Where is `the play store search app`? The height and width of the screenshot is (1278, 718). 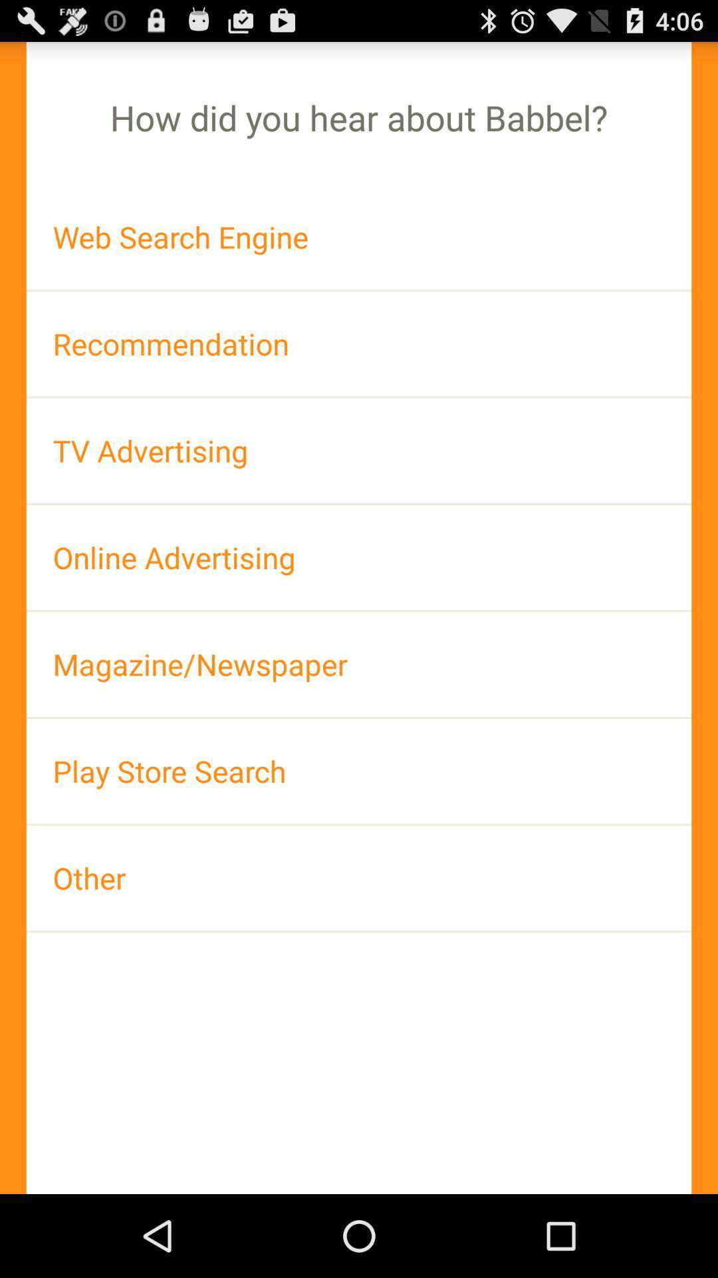
the play store search app is located at coordinates (359, 771).